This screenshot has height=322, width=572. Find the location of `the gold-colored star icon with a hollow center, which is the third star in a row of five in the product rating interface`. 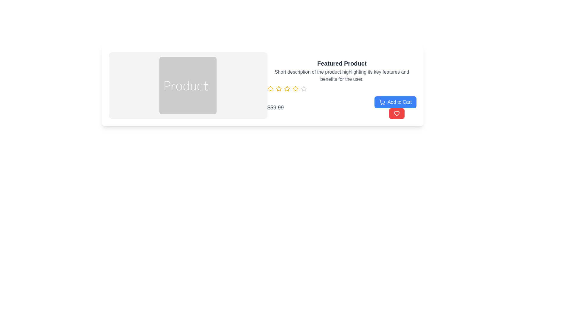

the gold-colored star icon with a hollow center, which is the third star in a row of five in the product rating interface is located at coordinates (287, 89).